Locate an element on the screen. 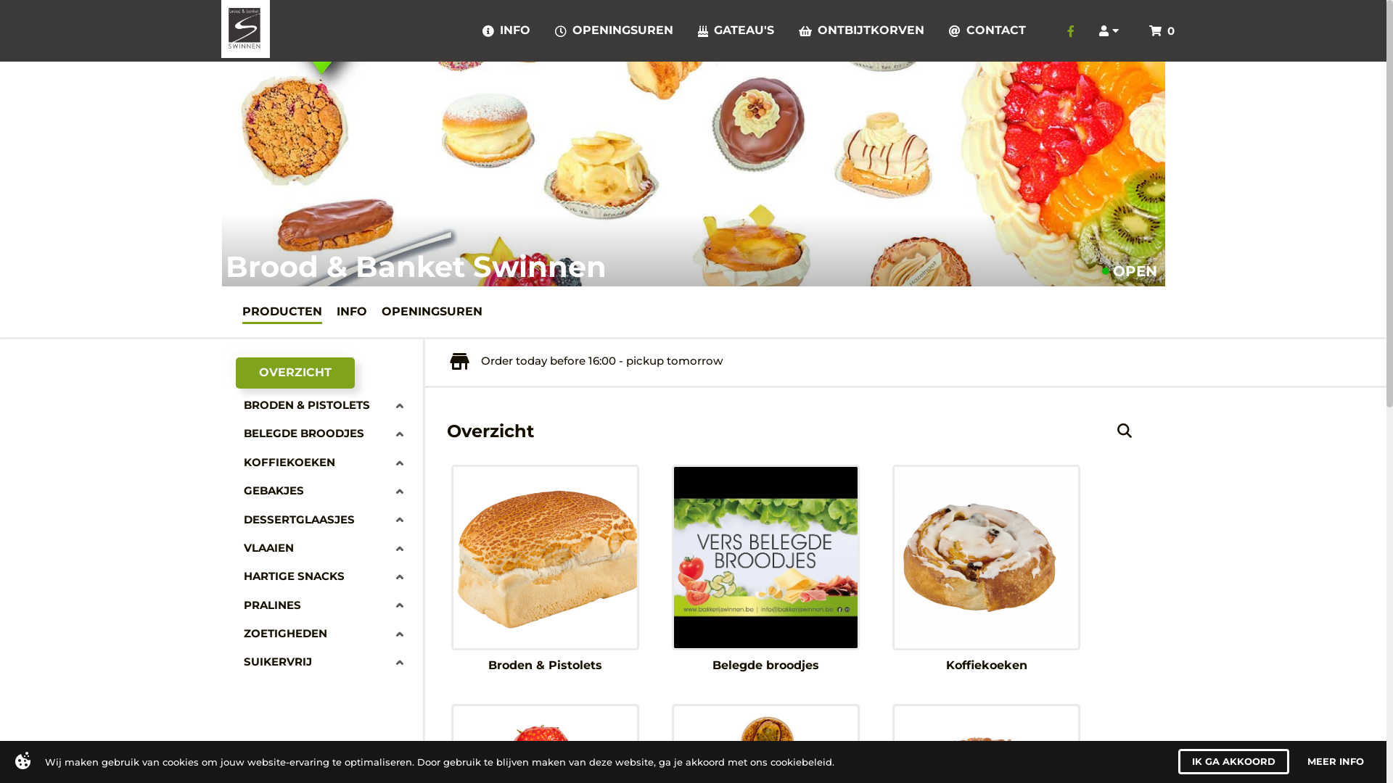 The width and height of the screenshot is (1393, 783). 'I AGREE' is located at coordinates (1260, 761).